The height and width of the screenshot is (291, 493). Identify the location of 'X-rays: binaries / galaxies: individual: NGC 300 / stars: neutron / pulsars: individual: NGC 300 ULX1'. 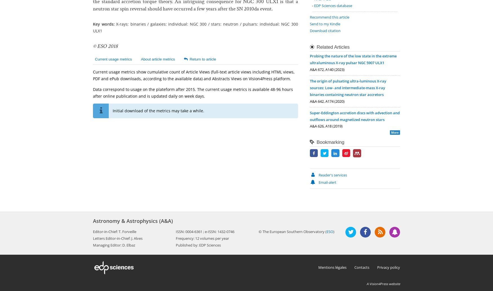
(93, 27).